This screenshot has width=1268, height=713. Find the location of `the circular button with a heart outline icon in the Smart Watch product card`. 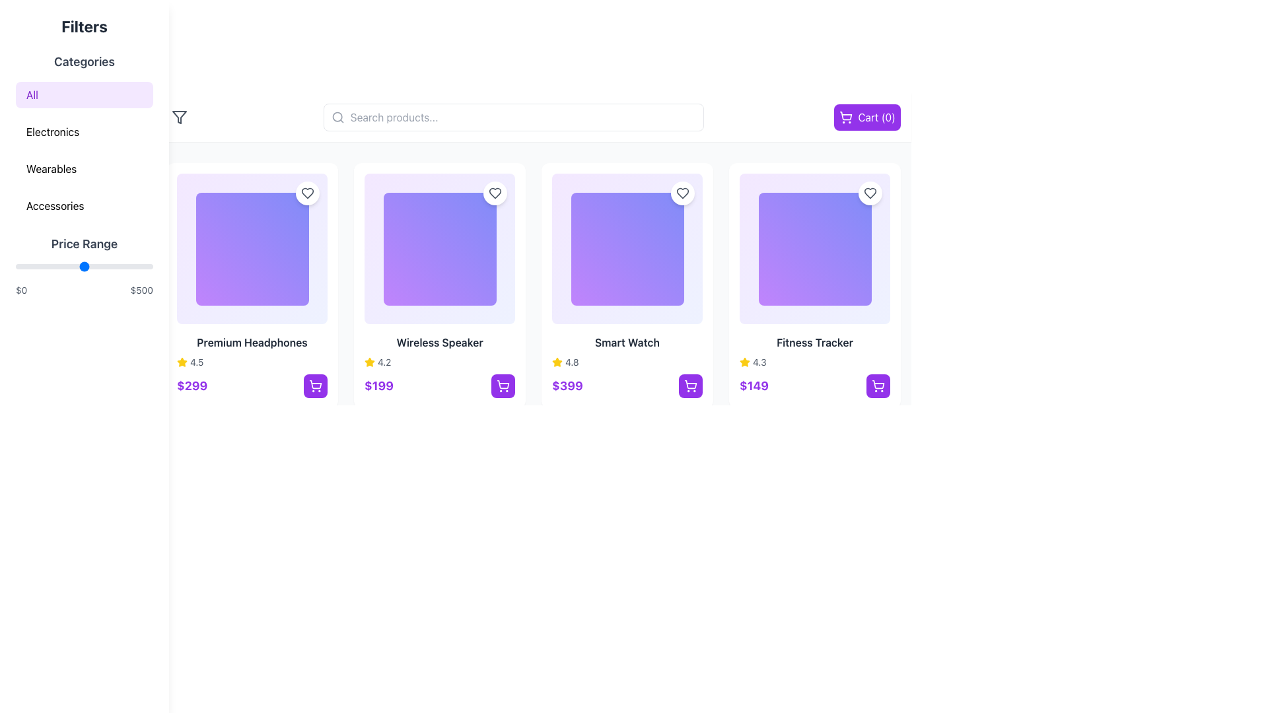

the circular button with a heart outline icon in the Smart Watch product card is located at coordinates (682, 193).